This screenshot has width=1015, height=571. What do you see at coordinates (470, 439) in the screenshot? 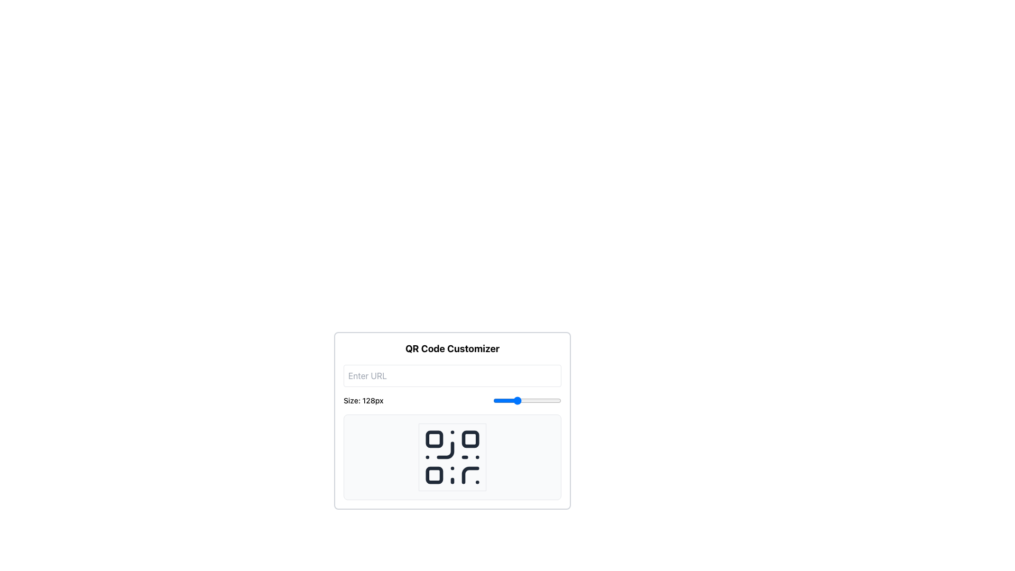
I see `the second square block within the top row of the QR code, which has rounded corners and no visible fill or stroke` at bounding box center [470, 439].